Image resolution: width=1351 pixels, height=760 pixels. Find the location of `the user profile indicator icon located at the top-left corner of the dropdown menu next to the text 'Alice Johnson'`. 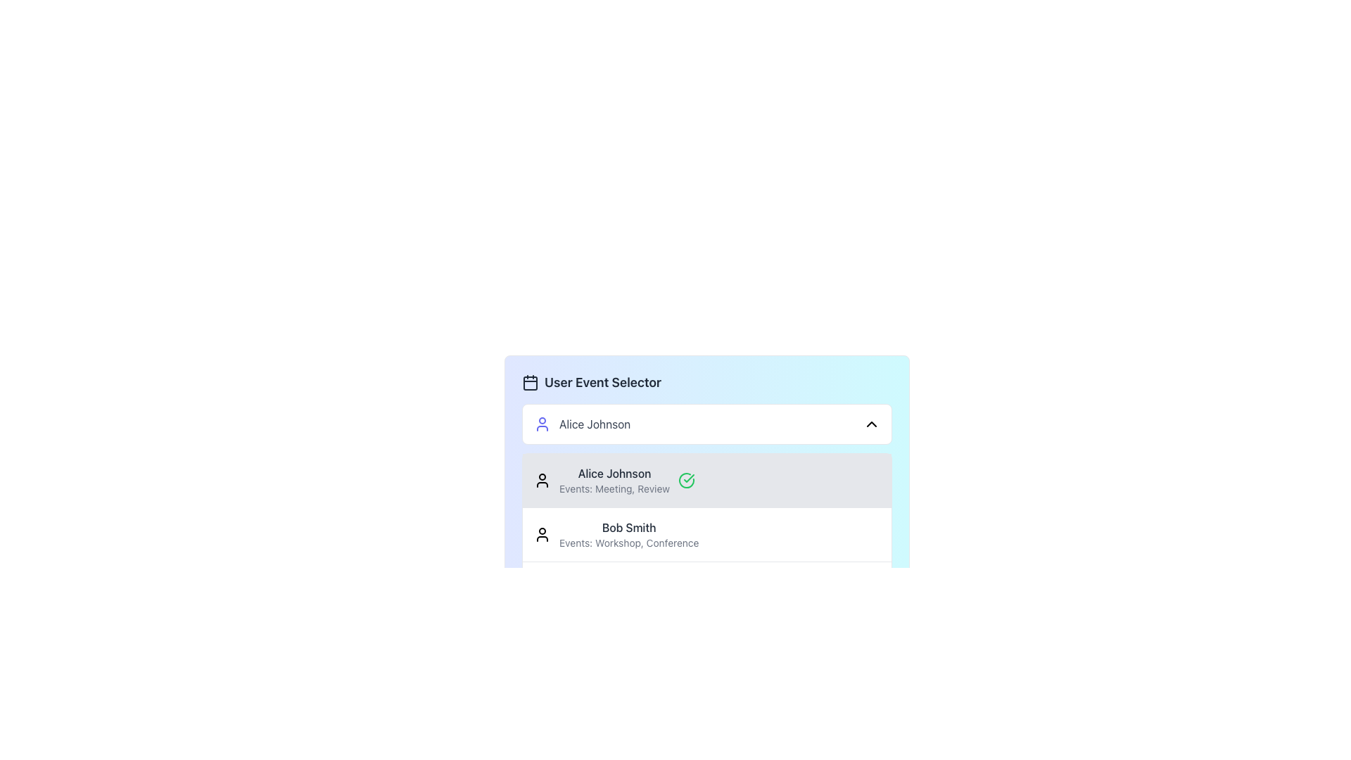

the user profile indicator icon located at the top-left corner of the dropdown menu next to the text 'Alice Johnson' is located at coordinates (542, 423).